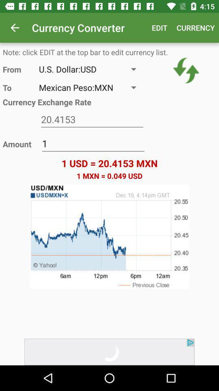 The image size is (219, 391). I want to click on reverse currency exchange, so click(186, 70).